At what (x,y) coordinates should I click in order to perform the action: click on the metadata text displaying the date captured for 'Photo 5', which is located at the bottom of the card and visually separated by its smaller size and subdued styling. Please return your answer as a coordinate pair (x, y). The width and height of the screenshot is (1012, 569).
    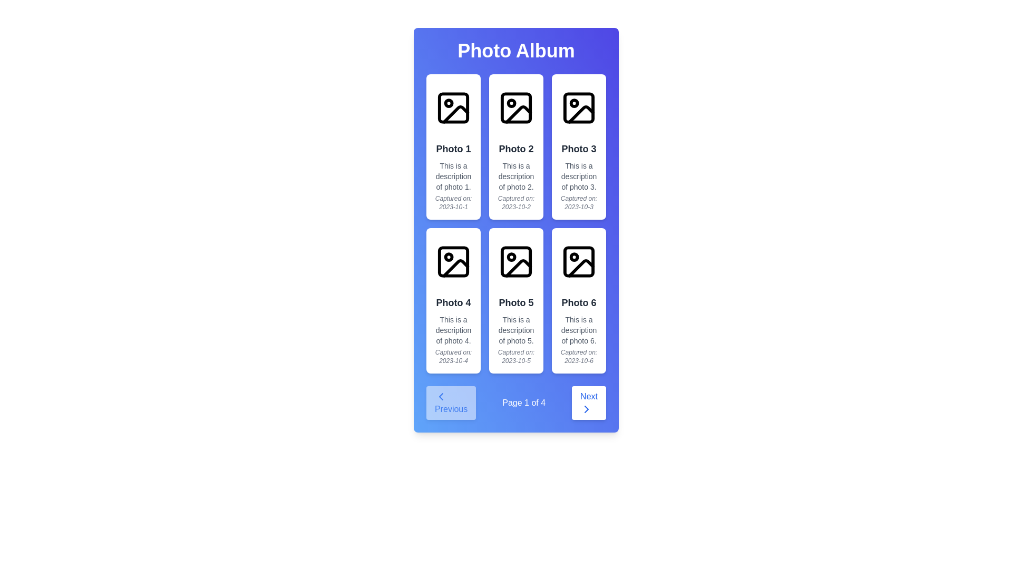
    Looking at the image, I should click on (516, 356).